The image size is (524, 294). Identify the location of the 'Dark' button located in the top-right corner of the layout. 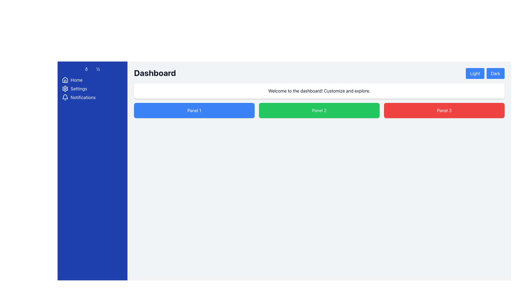
(495, 73).